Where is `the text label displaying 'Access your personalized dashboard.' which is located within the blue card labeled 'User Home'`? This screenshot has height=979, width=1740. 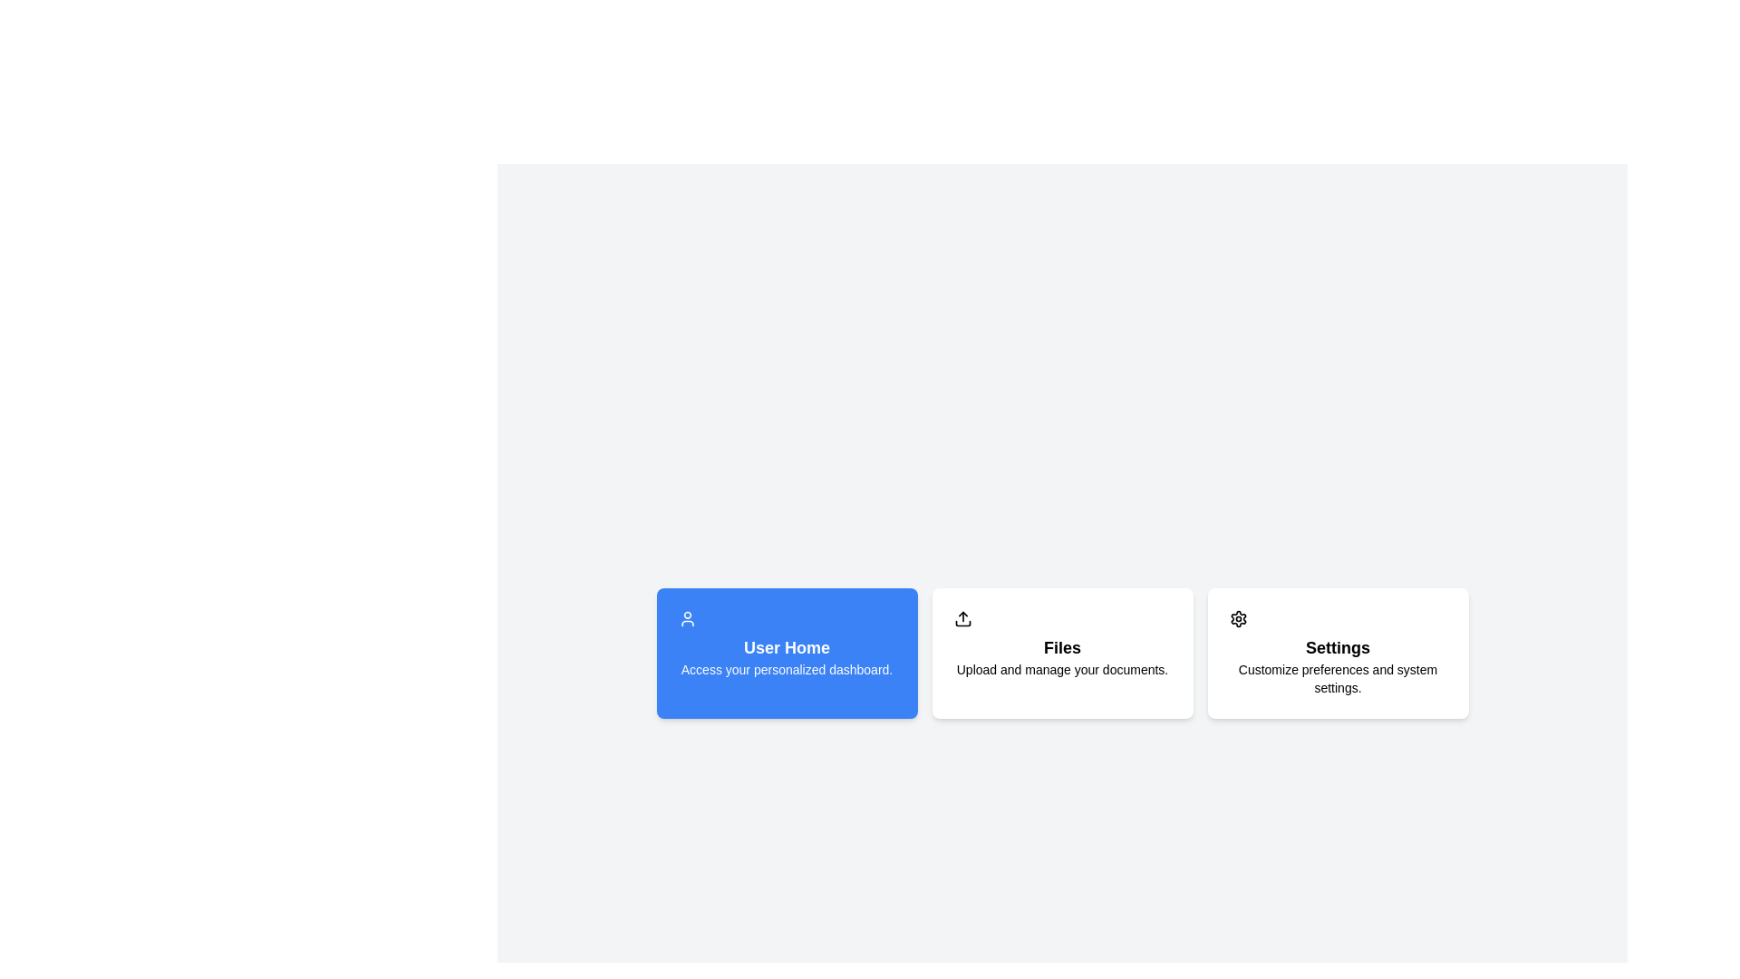
the text label displaying 'Access your personalized dashboard.' which is located within the blue card labeled 'User Home' is located at coordinates (787, 670).